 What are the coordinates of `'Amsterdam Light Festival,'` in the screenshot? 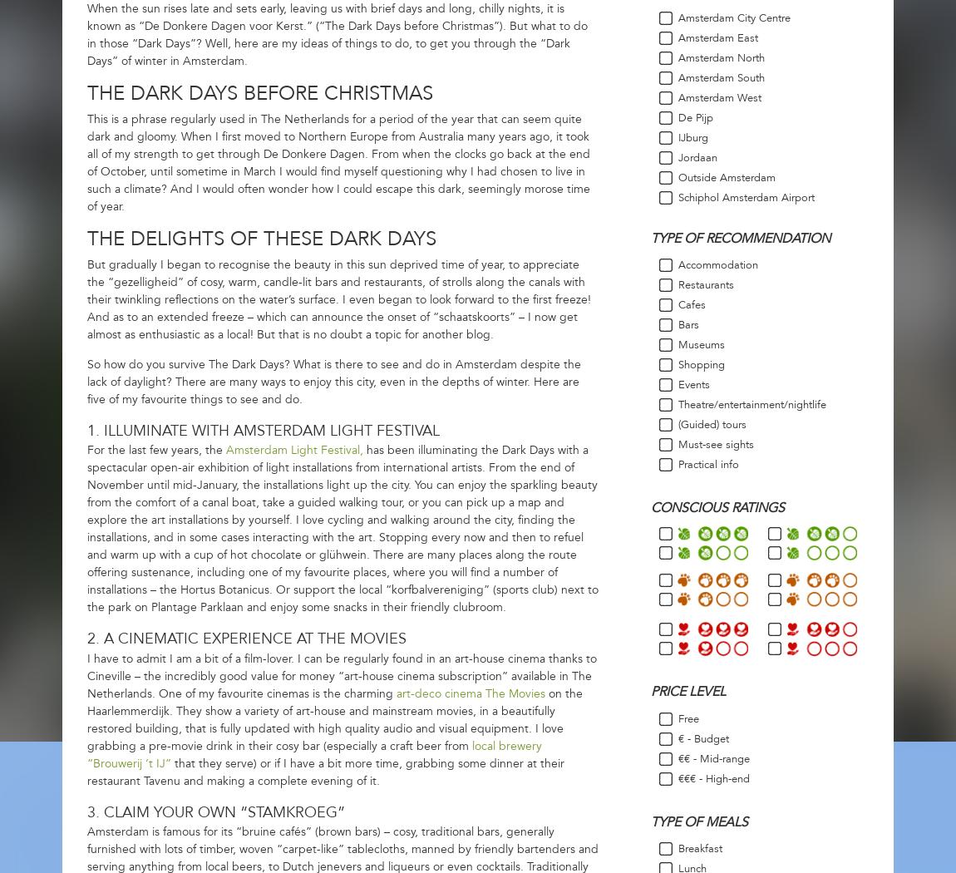 It's located at (224, 450).